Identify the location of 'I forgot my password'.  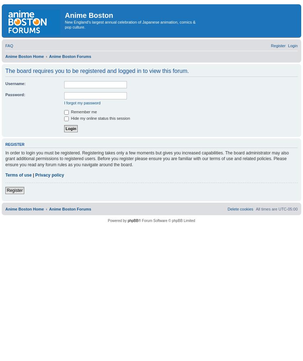
(82, 103).